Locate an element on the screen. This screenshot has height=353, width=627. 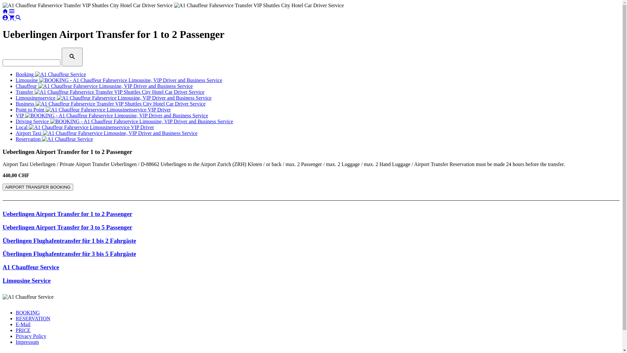
'Ueberlingen Airport Transfer for 1 to 2 Passenger' is located at coordinates (67, 214).